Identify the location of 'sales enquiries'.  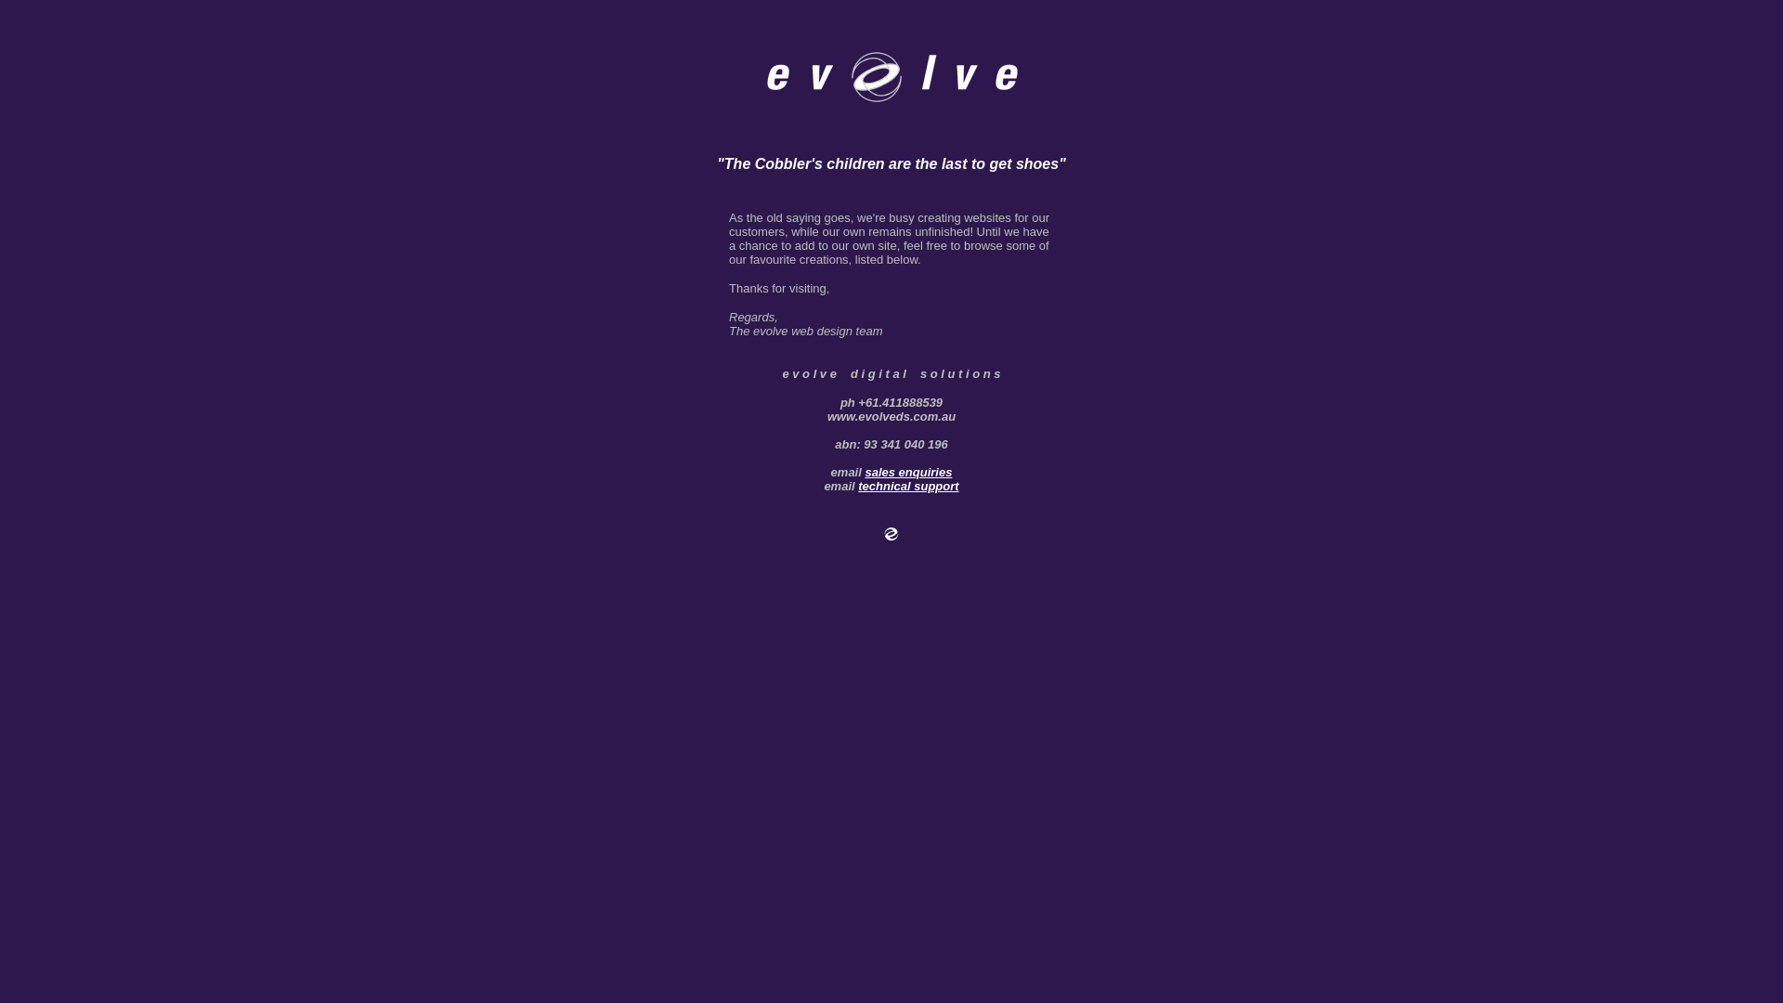
(908, 471).